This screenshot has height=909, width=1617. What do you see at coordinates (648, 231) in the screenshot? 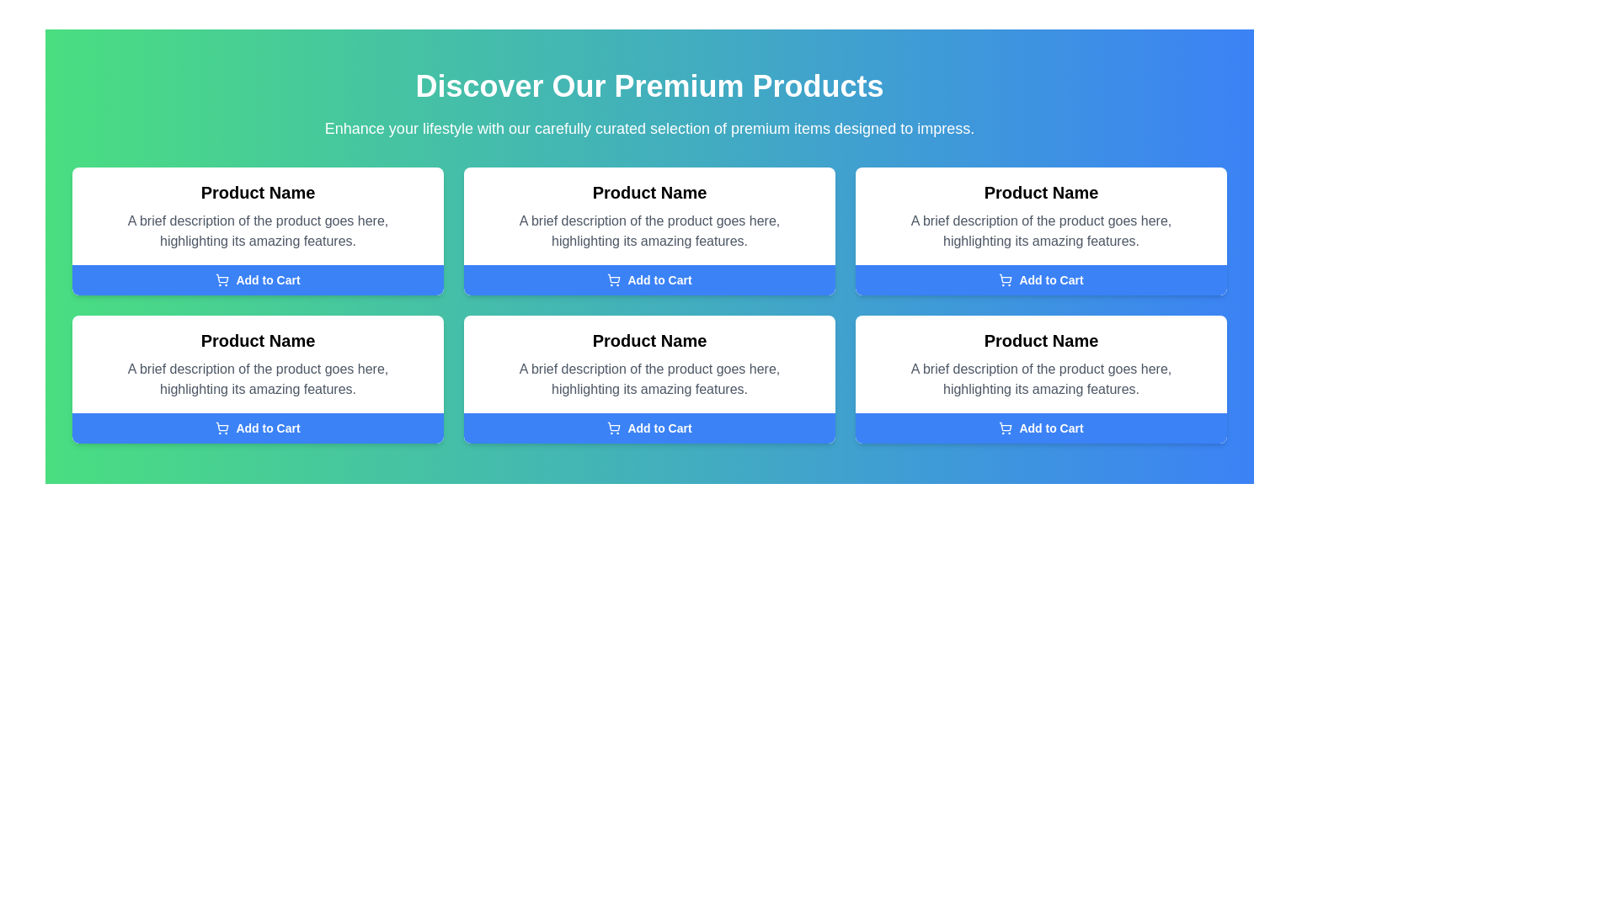
I see `descriptive text element that contains 'A brief description of the product goes here, highlighting its amazing features.' located in the second product card, below the product title and above the 'Add to Cart' button` at bounding box center [648, 231].